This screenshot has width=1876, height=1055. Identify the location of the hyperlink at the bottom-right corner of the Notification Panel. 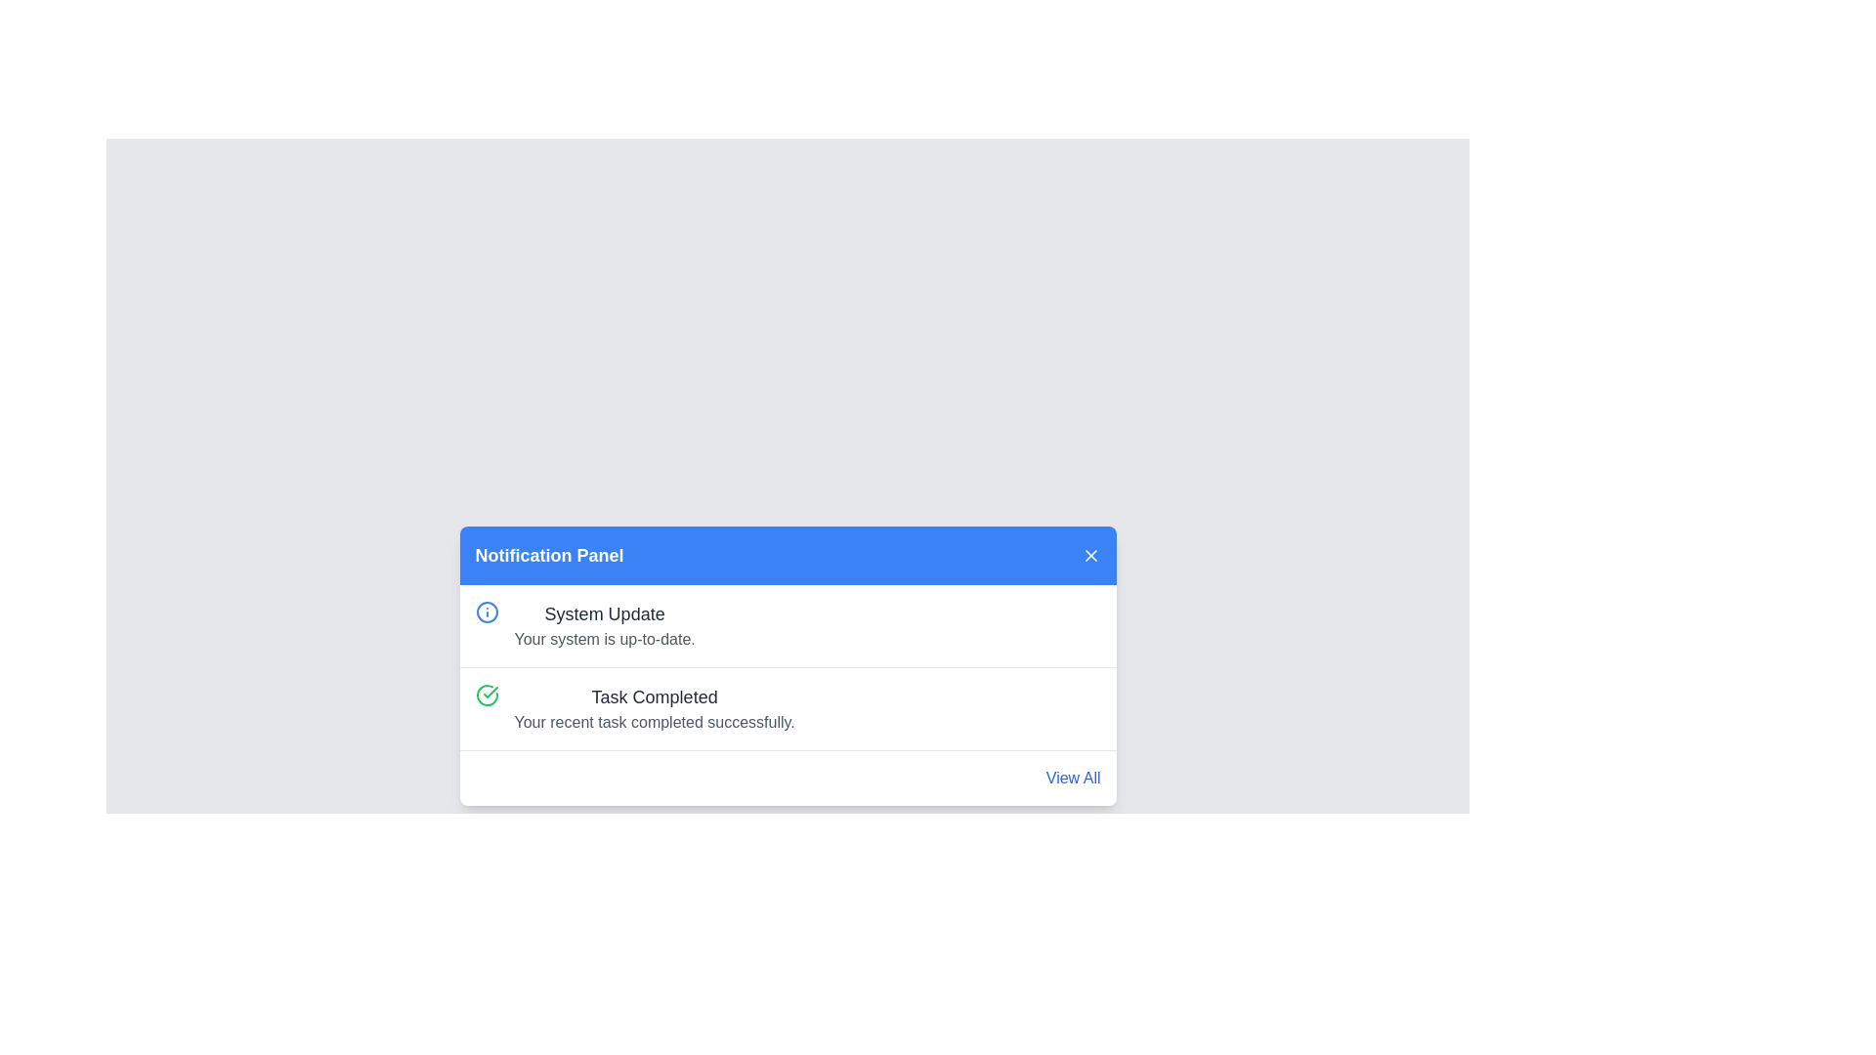
(1072, 778).